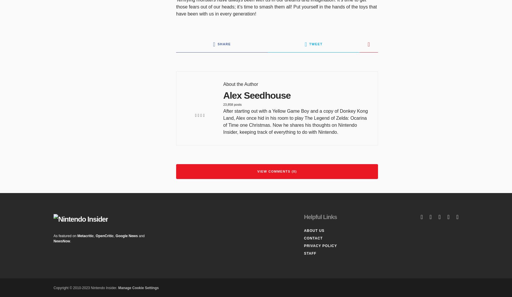  What do you see at coordinates (277, 171) in the screenshot?
I see `'View Comments (0)'` at bounding box center [277, 171].